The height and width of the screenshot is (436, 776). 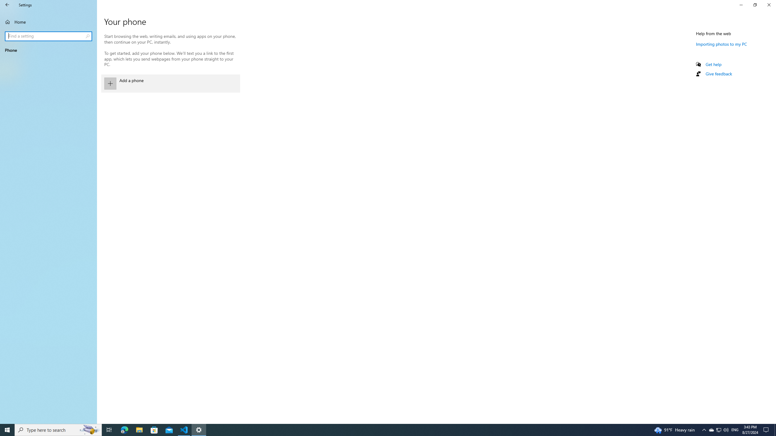 What do you see at coordinates (755, 5) in the screenshot?
I see `'Restore Settings'` at bounding box center [755, 5].